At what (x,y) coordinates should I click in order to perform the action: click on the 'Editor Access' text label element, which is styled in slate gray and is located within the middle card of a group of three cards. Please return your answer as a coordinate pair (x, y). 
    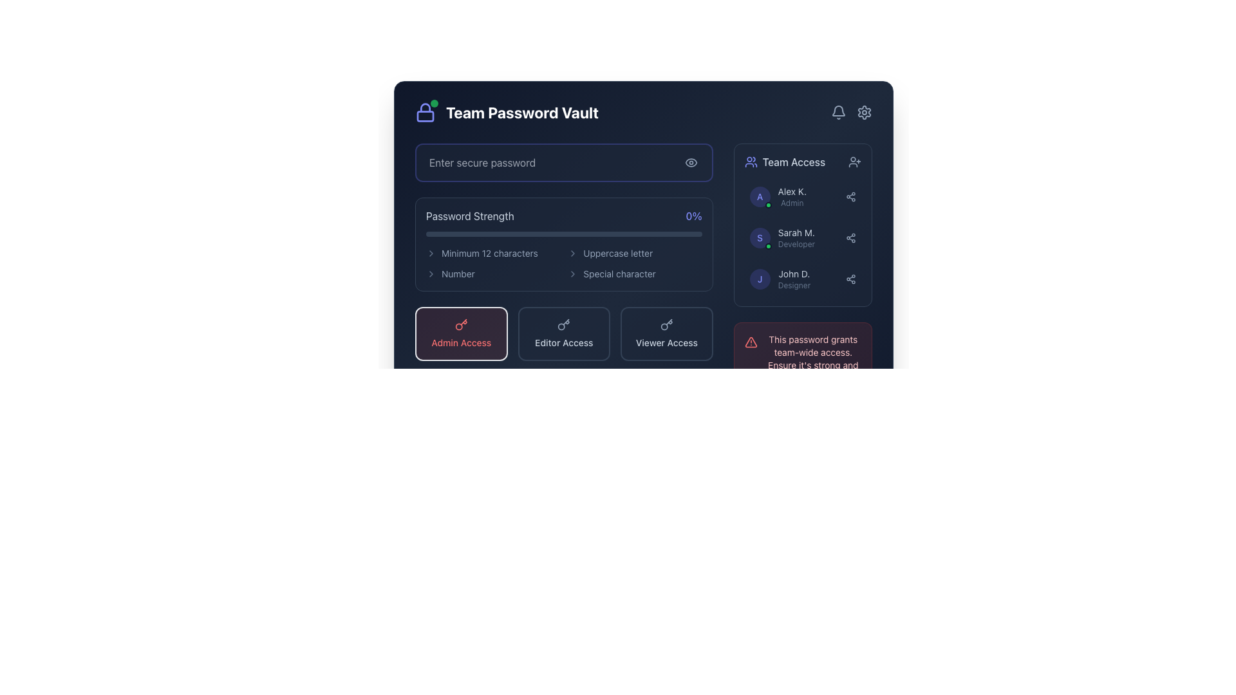
    Looking at the image, I should click on (564, 342).